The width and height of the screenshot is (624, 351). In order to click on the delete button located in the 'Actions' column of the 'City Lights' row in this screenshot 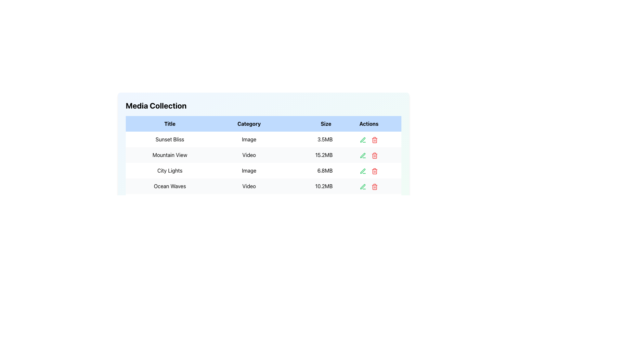, I will do `click(375, 170)`.